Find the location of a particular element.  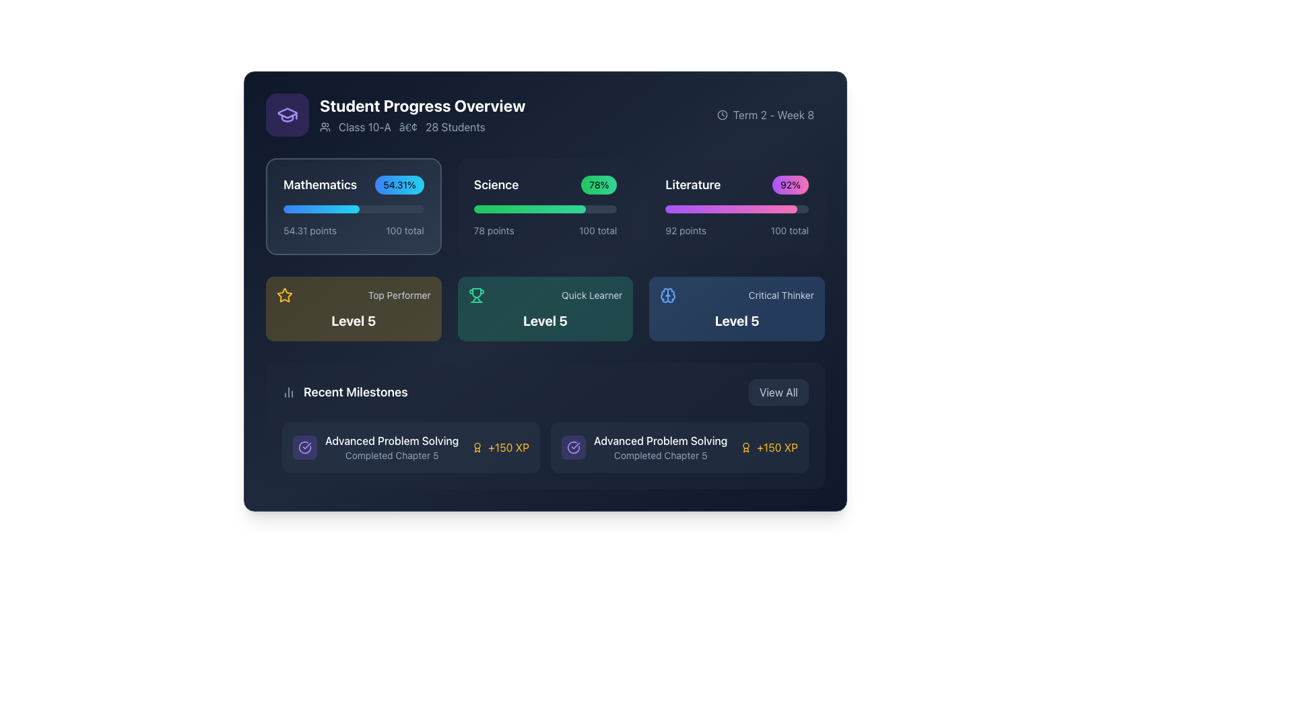

milestone text label located in the 'Recent Milestones' section, which is the top line of text indicating a specific achievement is located at coordinates (391, 441).